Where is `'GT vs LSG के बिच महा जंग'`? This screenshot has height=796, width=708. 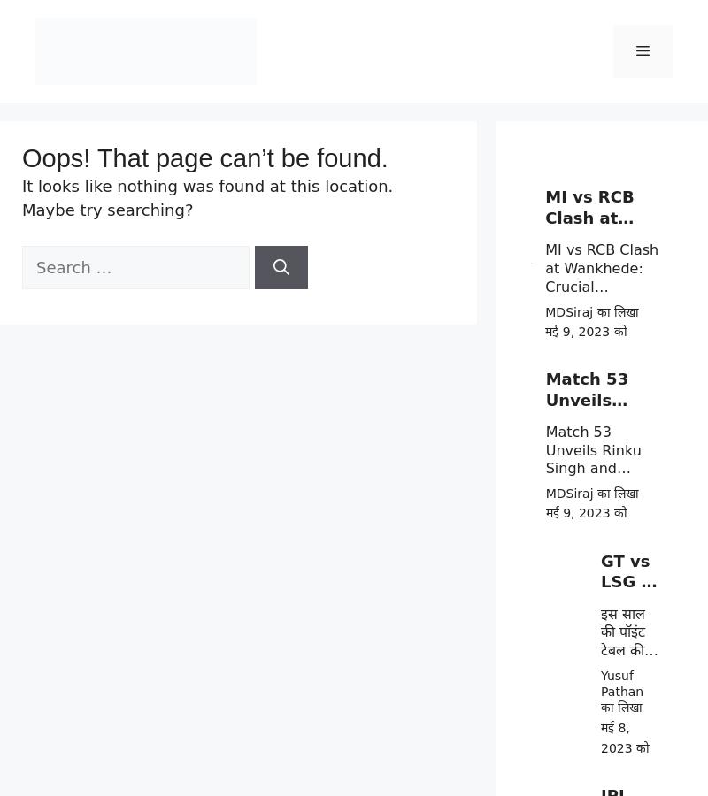
'GT vs LSG के बिच महा जंग' is located at coordinates (626, 591).